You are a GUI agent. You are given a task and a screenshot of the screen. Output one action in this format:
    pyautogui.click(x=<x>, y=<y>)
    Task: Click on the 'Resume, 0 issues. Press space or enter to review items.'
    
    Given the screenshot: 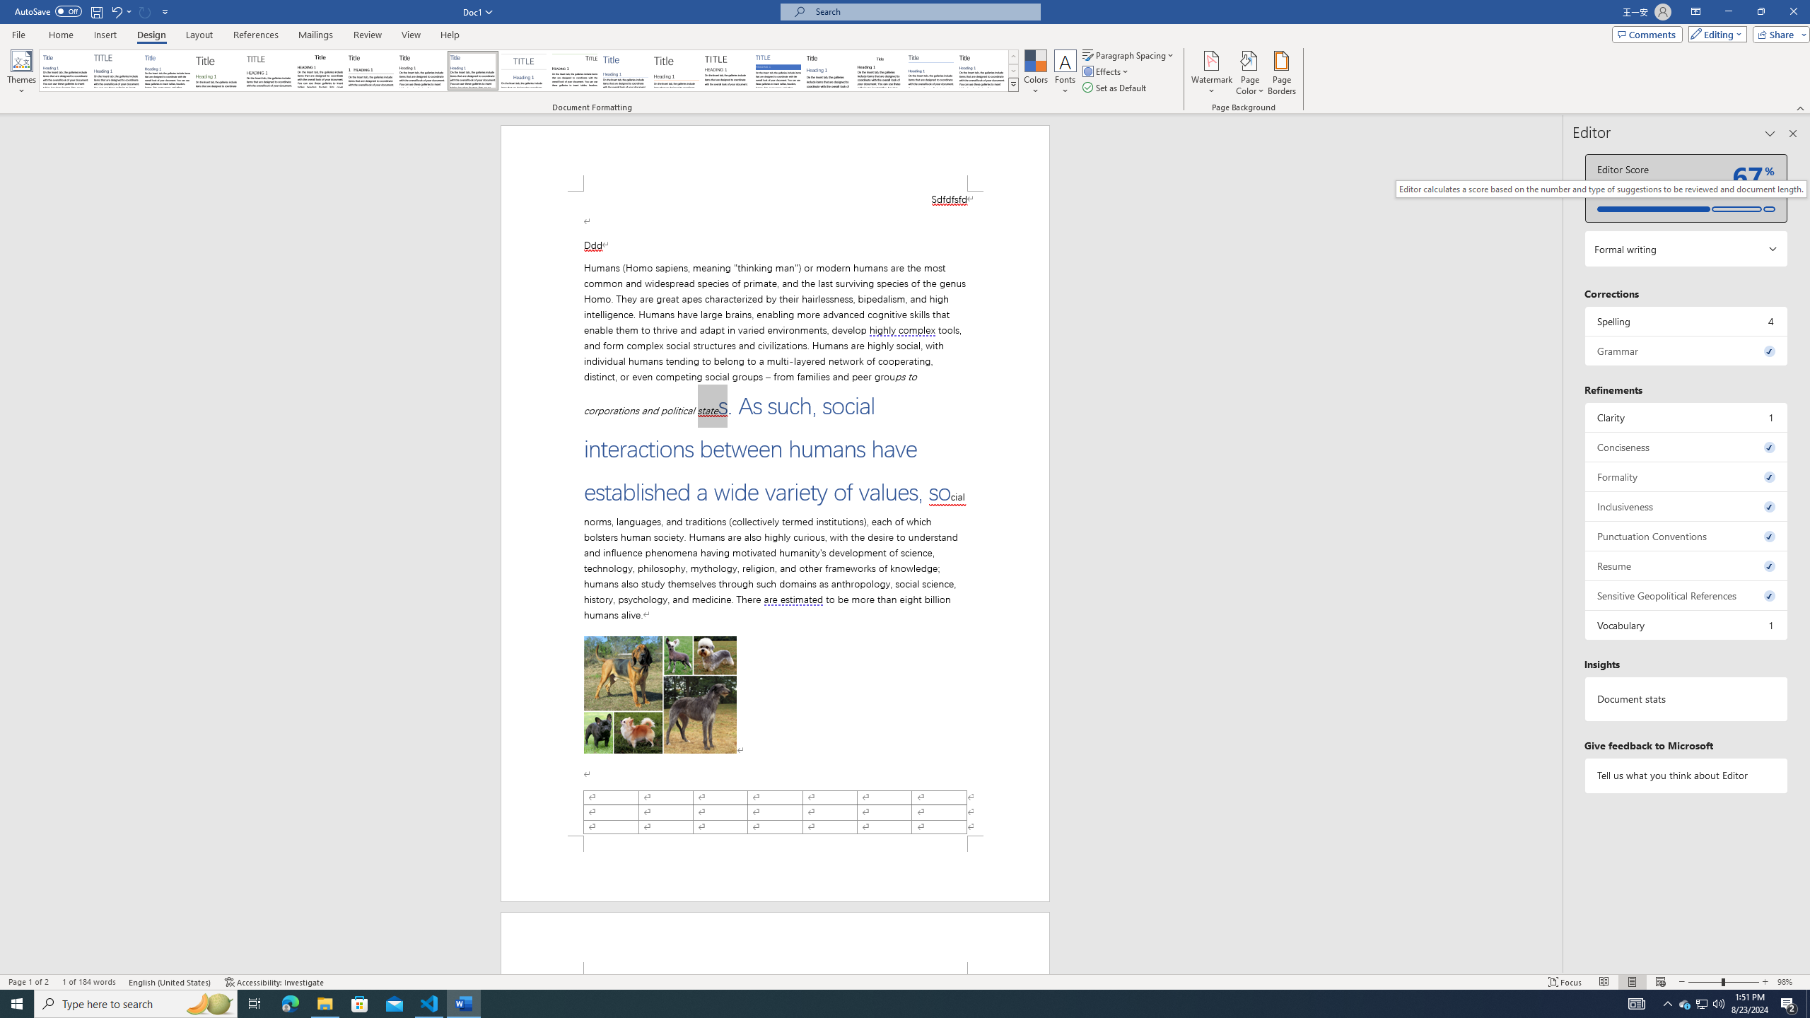 What is the action you would take?
    pyautogui.click(x=1686, y=566)
    